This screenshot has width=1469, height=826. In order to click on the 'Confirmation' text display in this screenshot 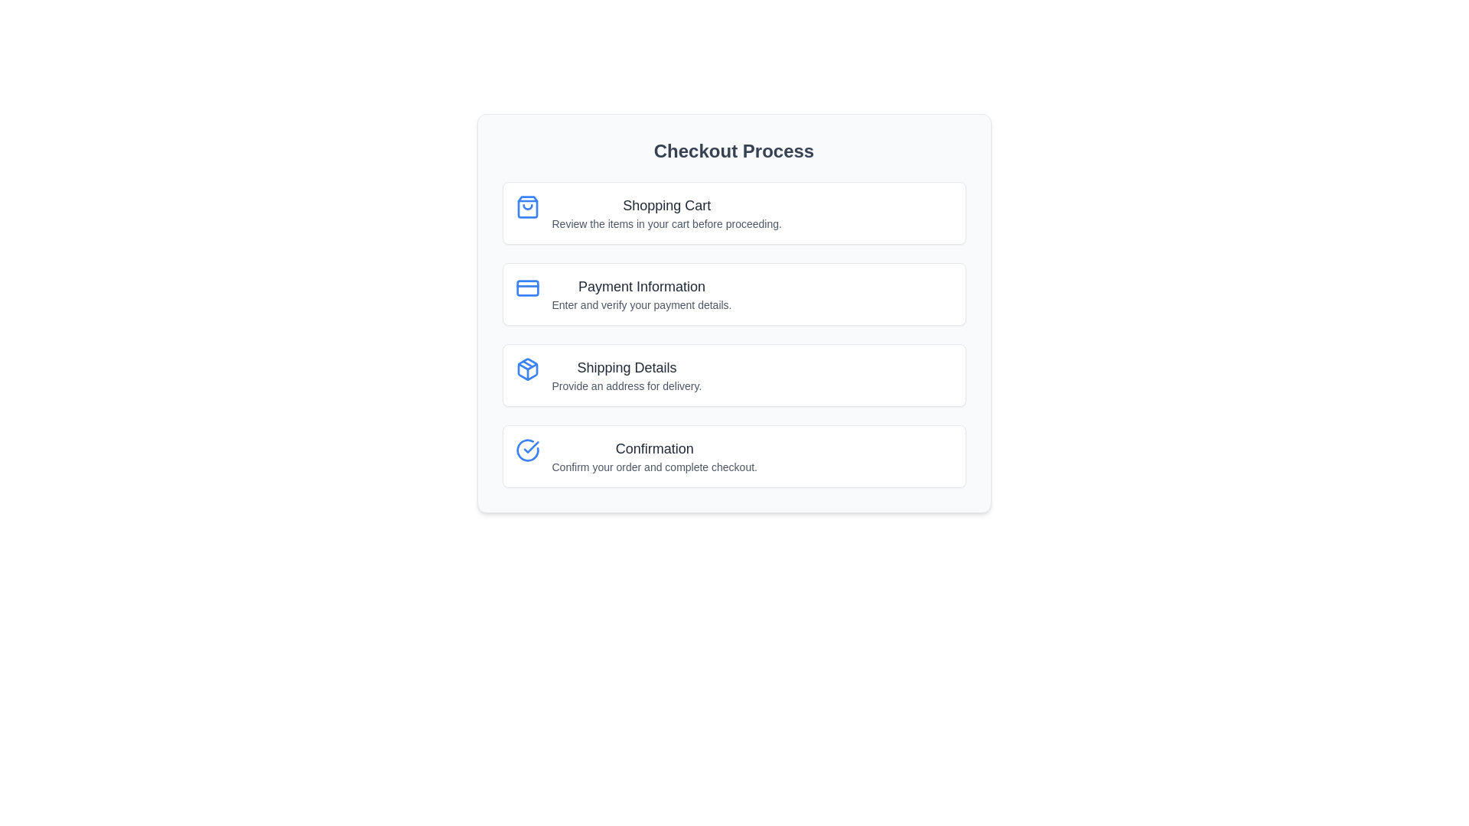, I will do `click(654, 456)`.